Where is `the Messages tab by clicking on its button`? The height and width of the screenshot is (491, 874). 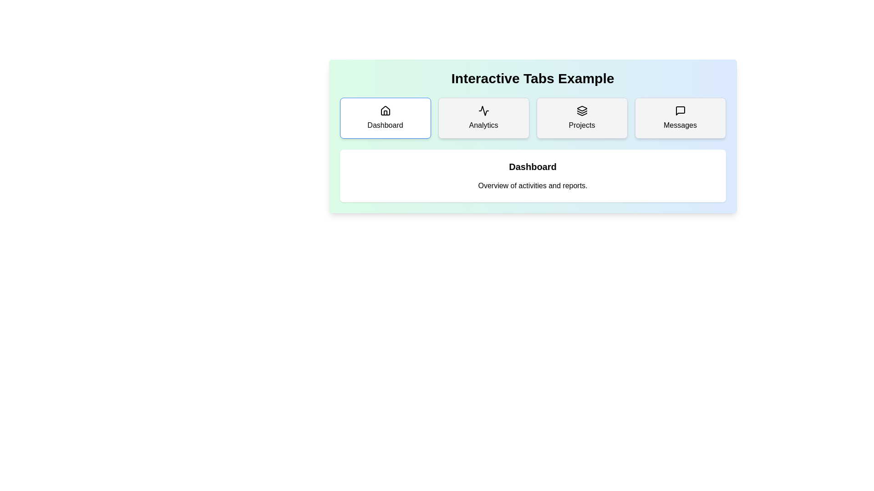 the Messages tab by clicking on its button is located at coordinates (680, 117).